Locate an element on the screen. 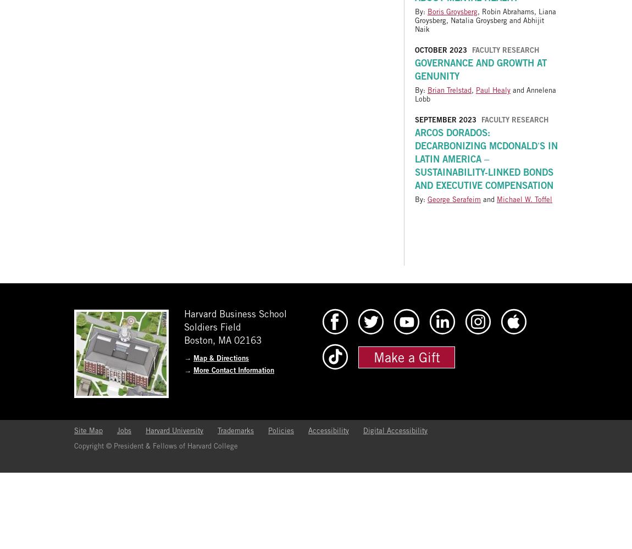 This screenshot has width=632, height=549. 'Boris Groysberg' is located at coordinates (426, 12).